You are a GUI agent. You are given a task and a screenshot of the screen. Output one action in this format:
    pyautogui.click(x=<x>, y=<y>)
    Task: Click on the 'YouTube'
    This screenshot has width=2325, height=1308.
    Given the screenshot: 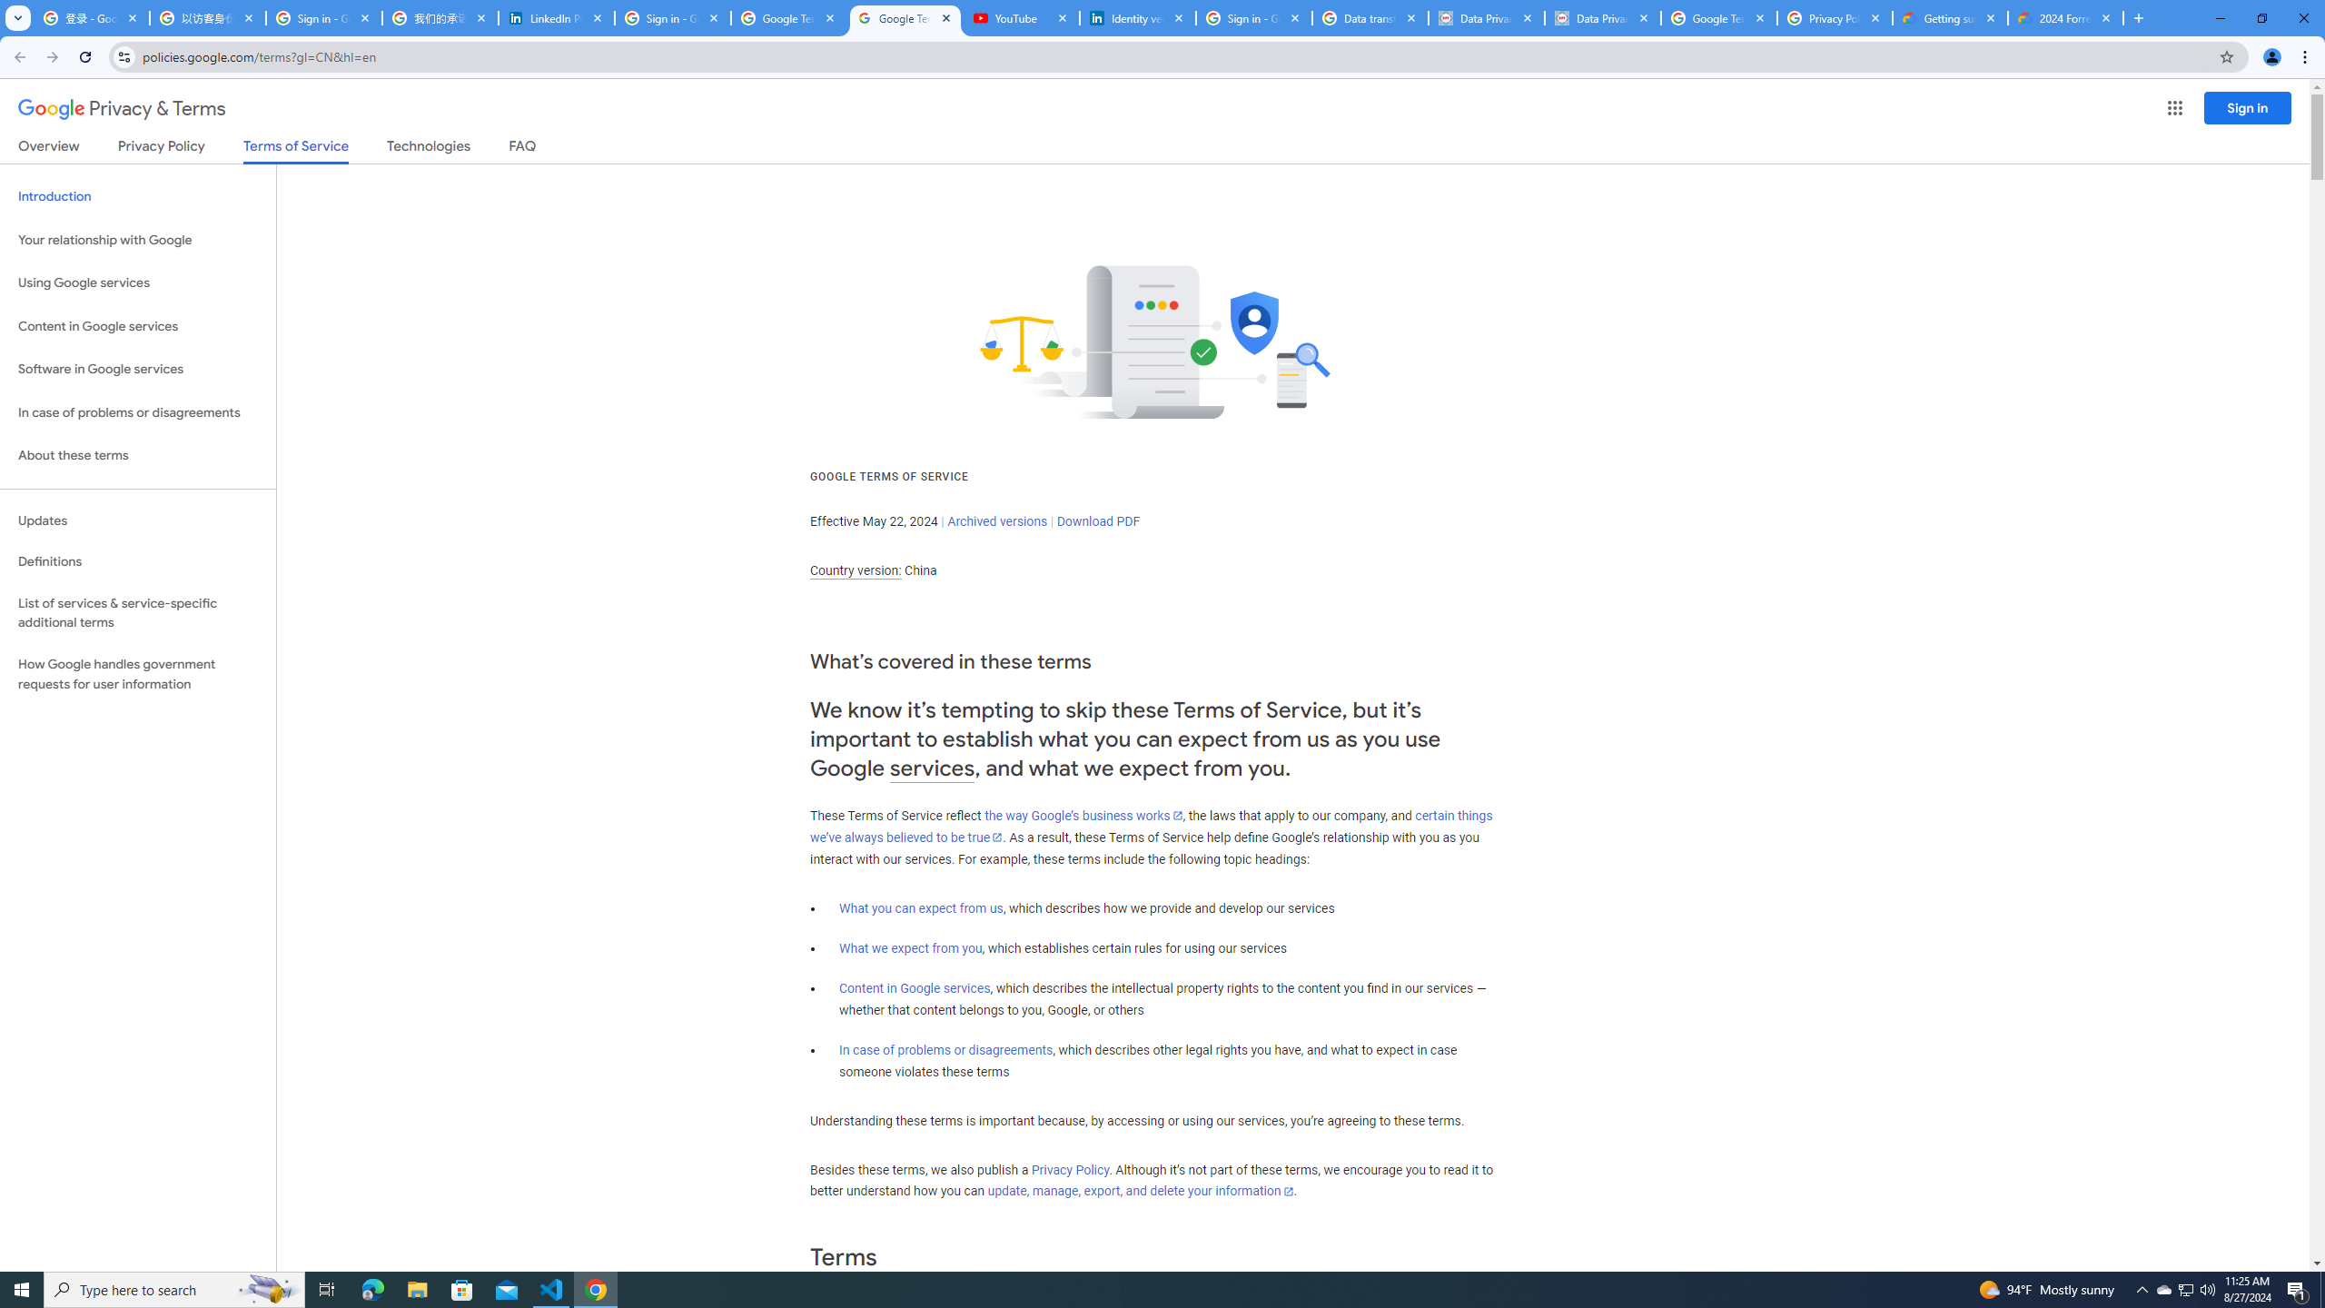 What is the action you would take?
    pyautogui.click(x=1022, y=17)
    